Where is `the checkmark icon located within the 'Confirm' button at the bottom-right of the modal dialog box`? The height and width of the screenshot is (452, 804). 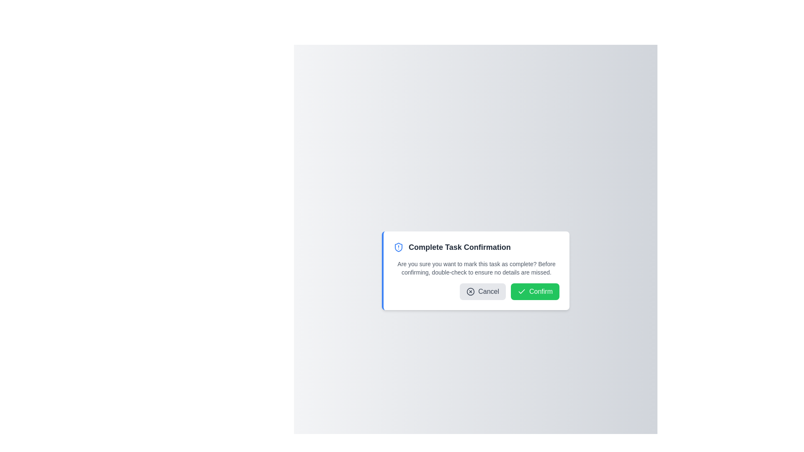
the checkmark icon located within the 'Confirm' button at the bottom-right of the modal dialog box is located at coordinates (521, 291).